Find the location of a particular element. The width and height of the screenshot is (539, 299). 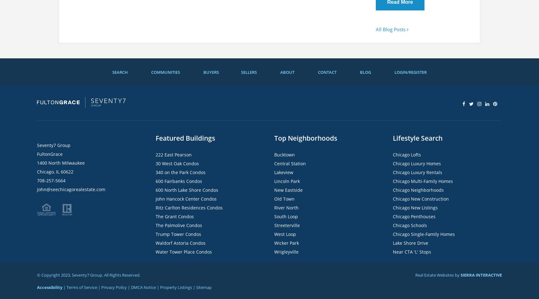

'Sitemap' is located at coordinates (196, 286).